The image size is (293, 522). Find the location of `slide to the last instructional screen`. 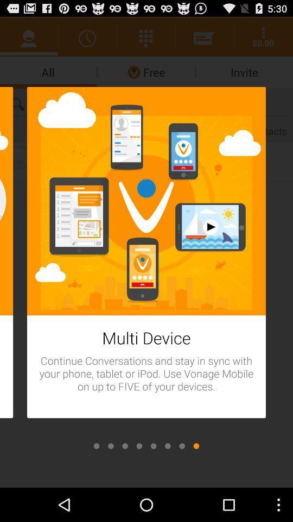

slide to the last instructional screen is located at coordinates (195, 446).